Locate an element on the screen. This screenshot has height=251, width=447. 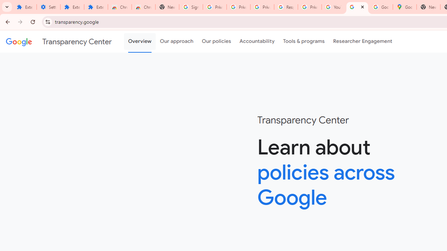
'Tools & programs' is located at coordinates (303, 41).